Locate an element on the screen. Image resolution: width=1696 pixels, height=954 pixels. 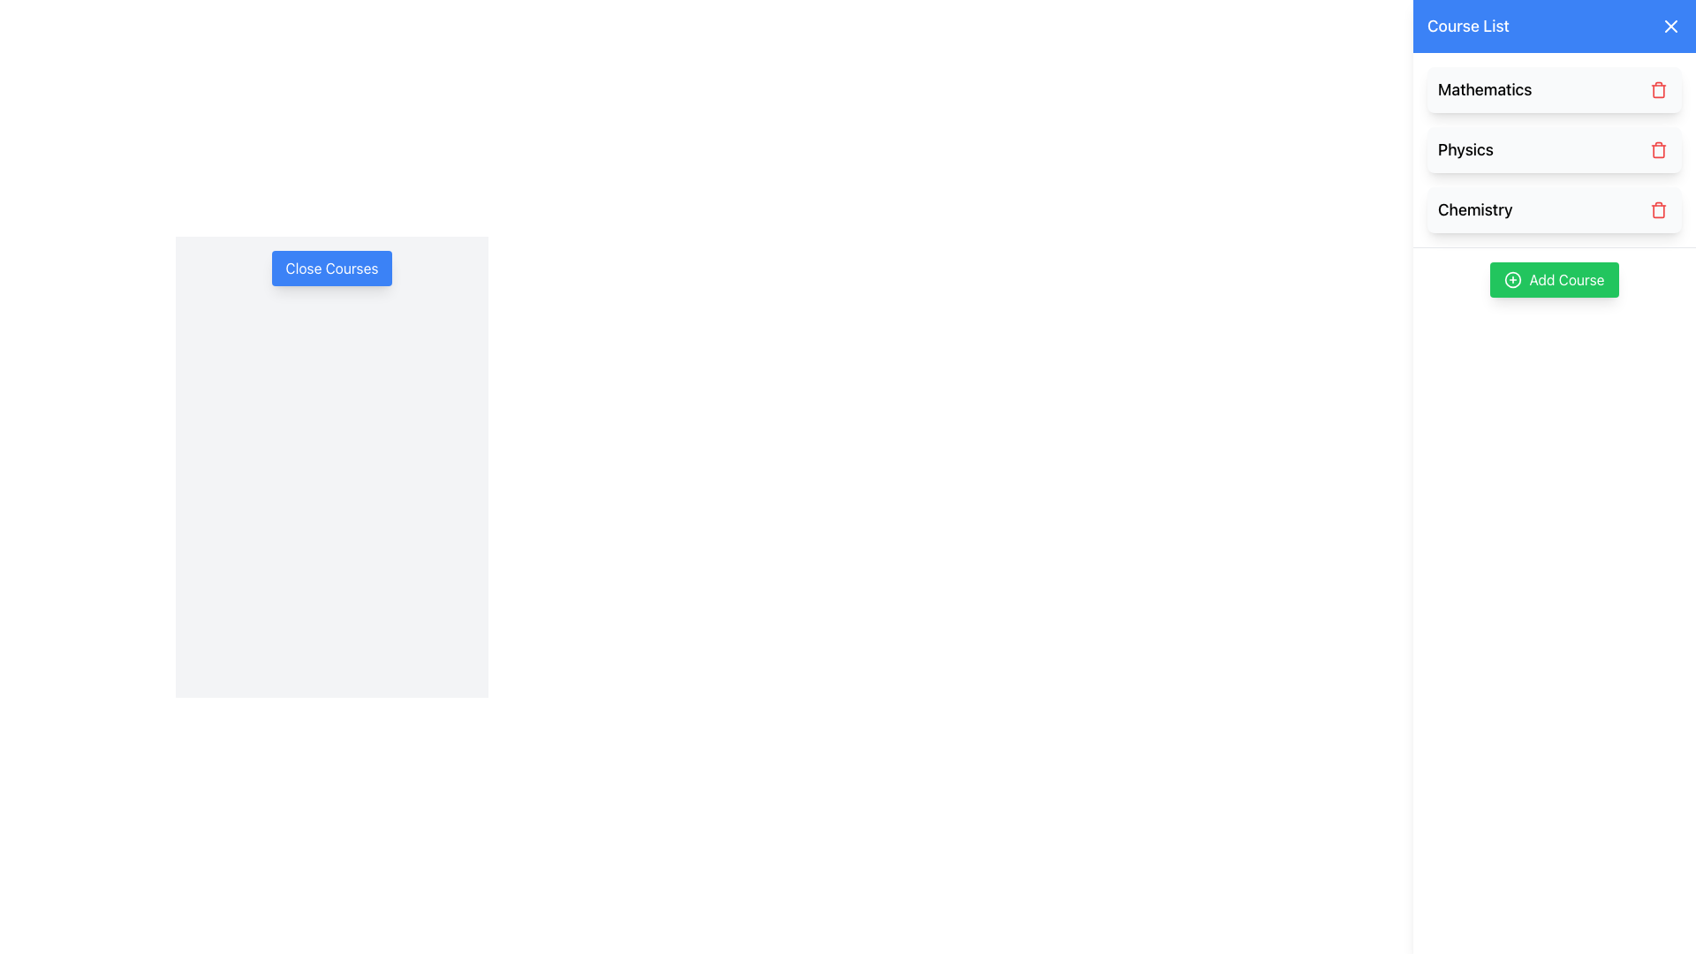
the 'X' icon button on the blue background at the top right corner of the 'Course List' section is located at coordinates (1669, 26).